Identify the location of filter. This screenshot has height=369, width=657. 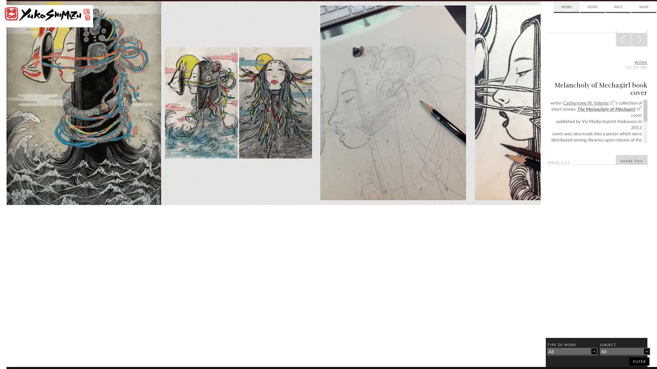
(639, 360).